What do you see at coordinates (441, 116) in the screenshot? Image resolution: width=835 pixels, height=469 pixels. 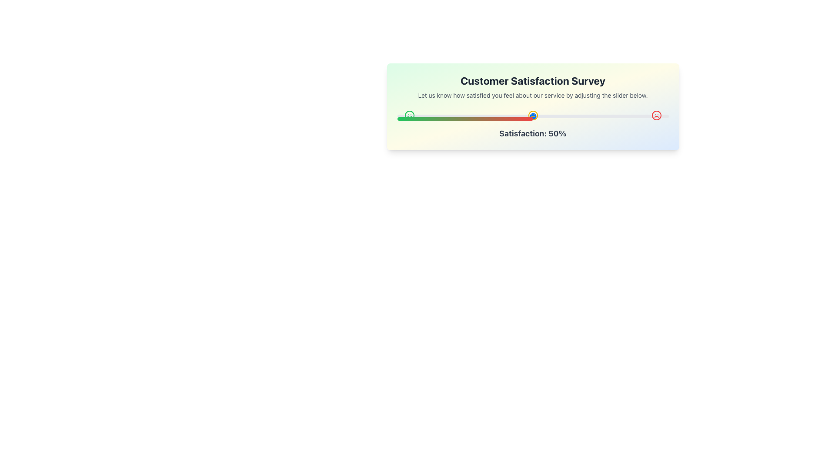 I see `customer satisfaction level` at bounding box center [441, 116].